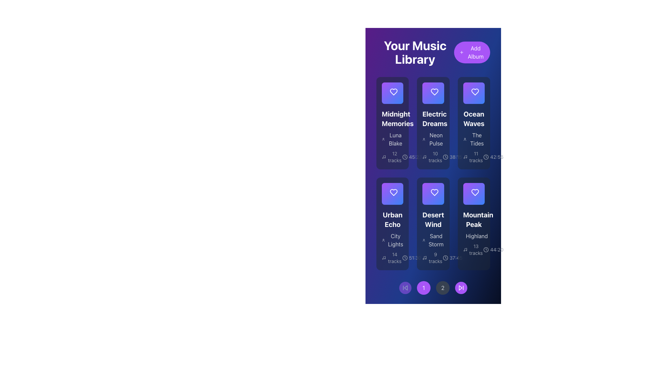 The width and height of the screenshot is (654, 368). I want to click on the triangular play button icon located within the 'Ocean Waves' card in the 'Your Music Library' section, so click(474, 93).